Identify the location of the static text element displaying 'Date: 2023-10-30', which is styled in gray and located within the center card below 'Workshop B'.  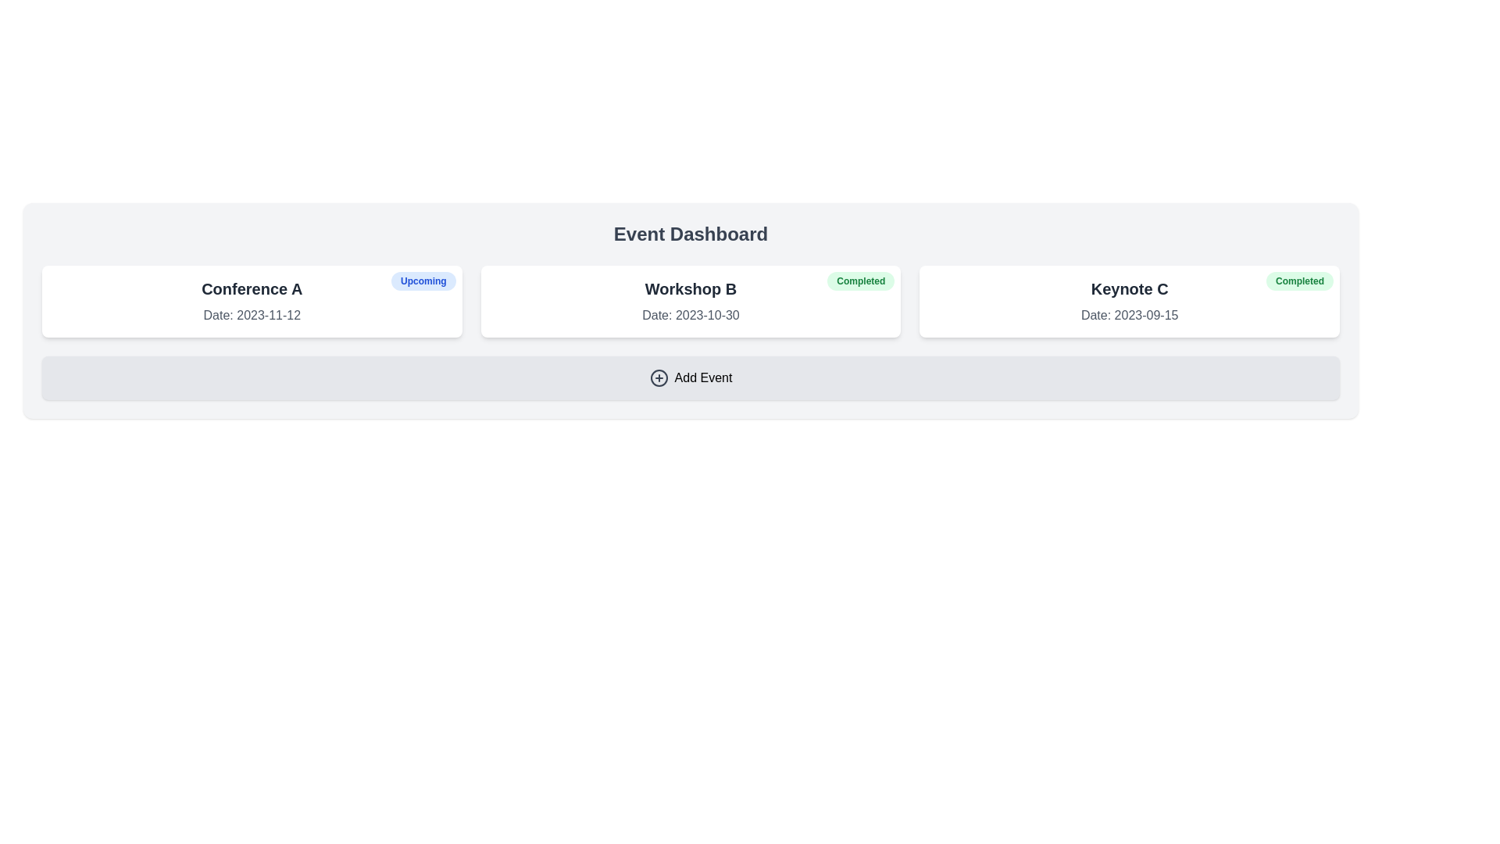
(690, 316).